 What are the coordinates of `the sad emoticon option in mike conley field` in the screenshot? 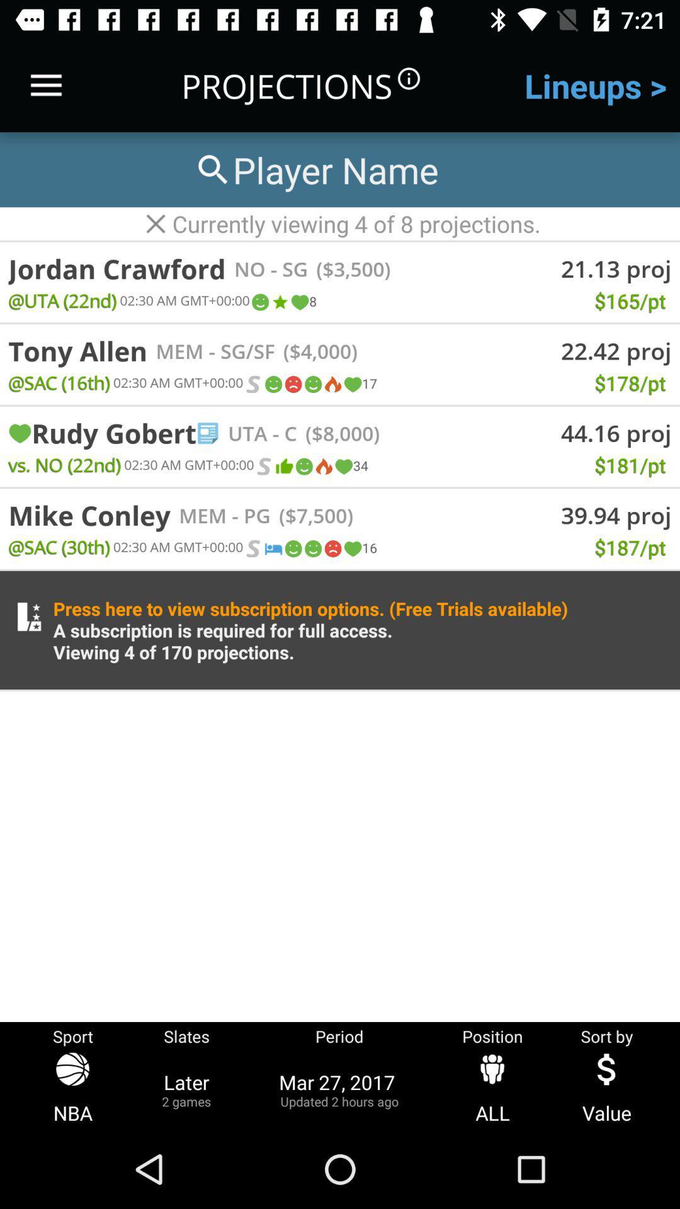 It's located at (332, 548).